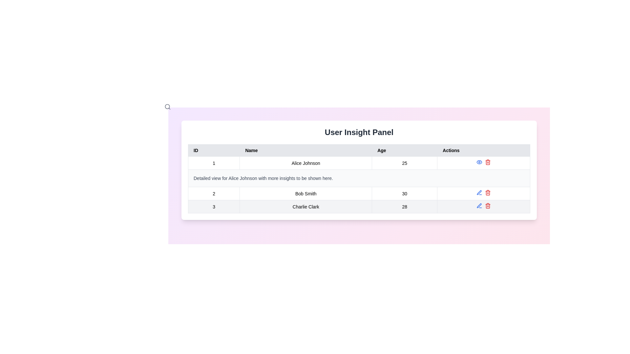  I want to click on the actionable controls for the row associated with 'Bob Smith', so click(484, 193).